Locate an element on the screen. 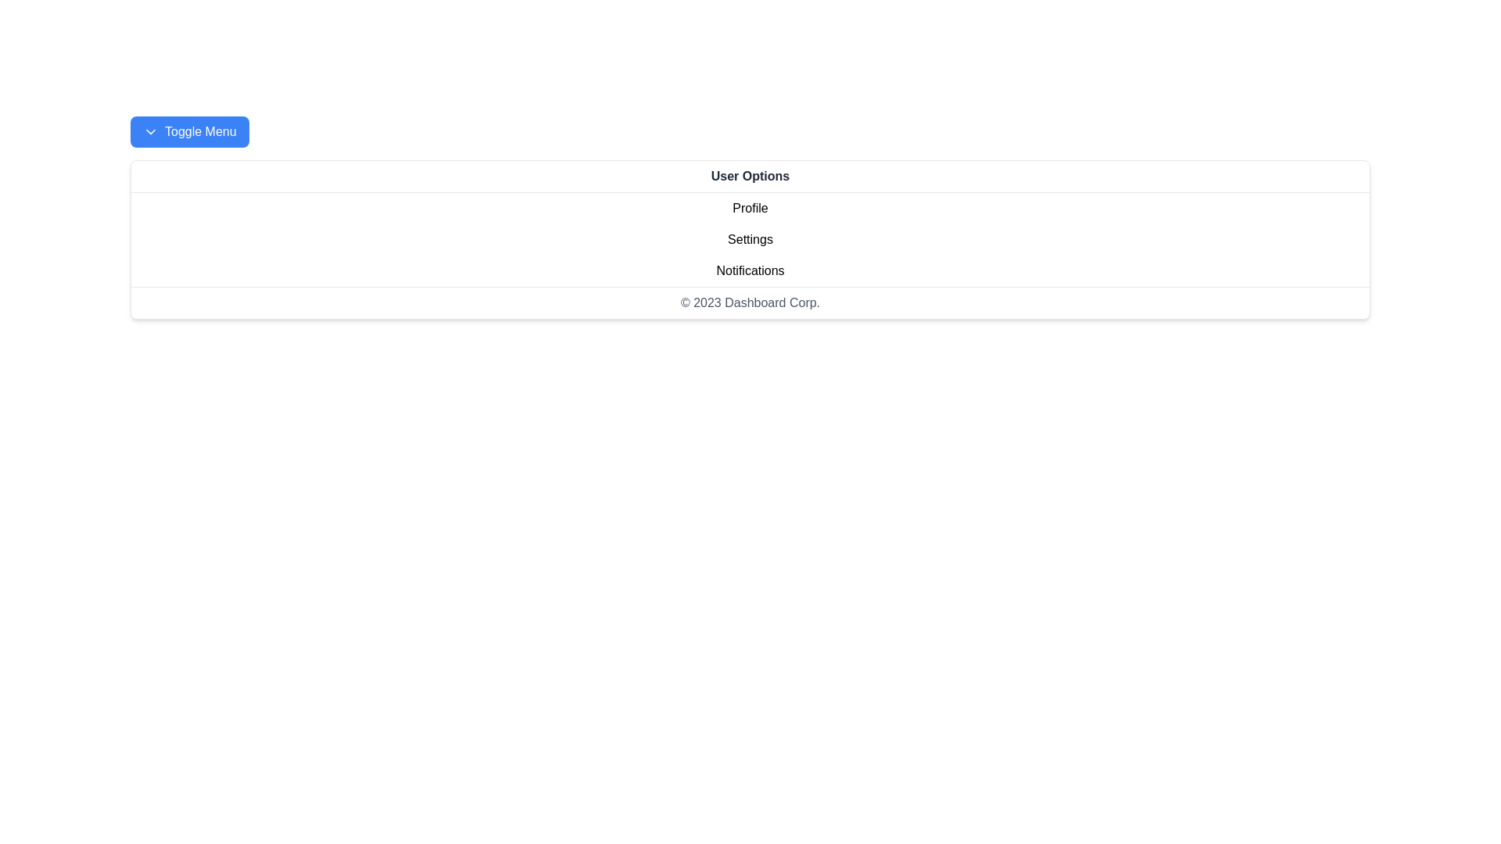 The height and width of the screenshot is (844, 1501). 'Toggle Menu' button to toggle the drawer is located at coordinates (188, 131).